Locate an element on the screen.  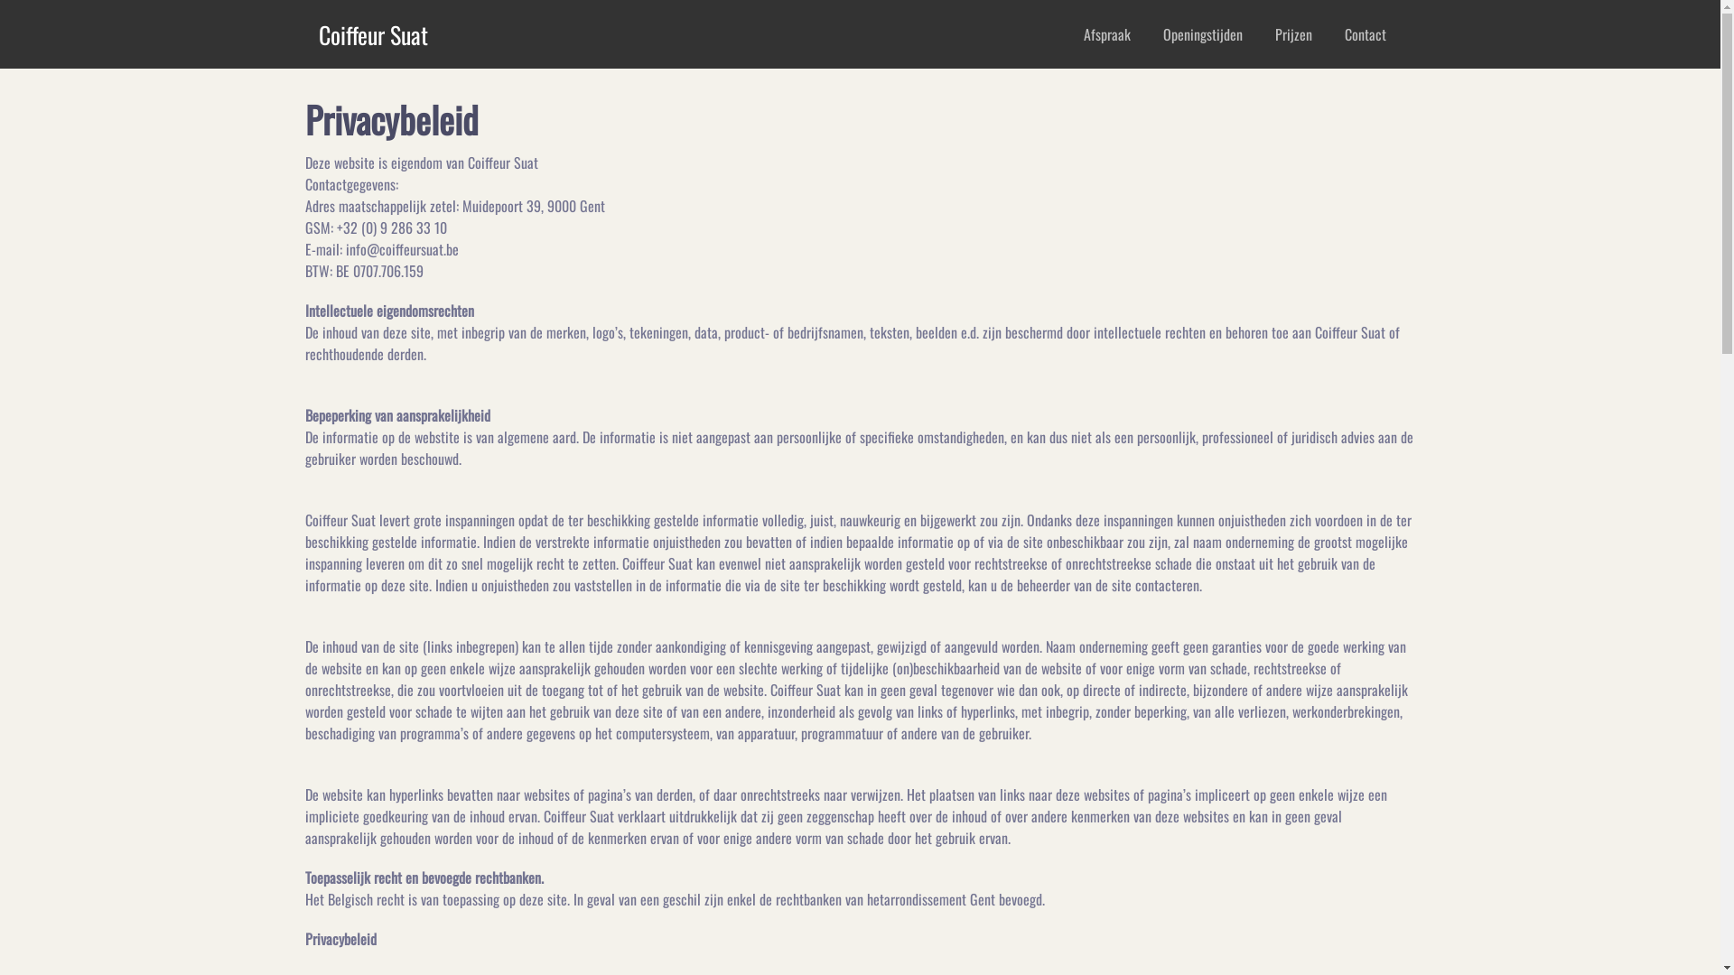
'Contact' is located at coordinates (1365, 34).